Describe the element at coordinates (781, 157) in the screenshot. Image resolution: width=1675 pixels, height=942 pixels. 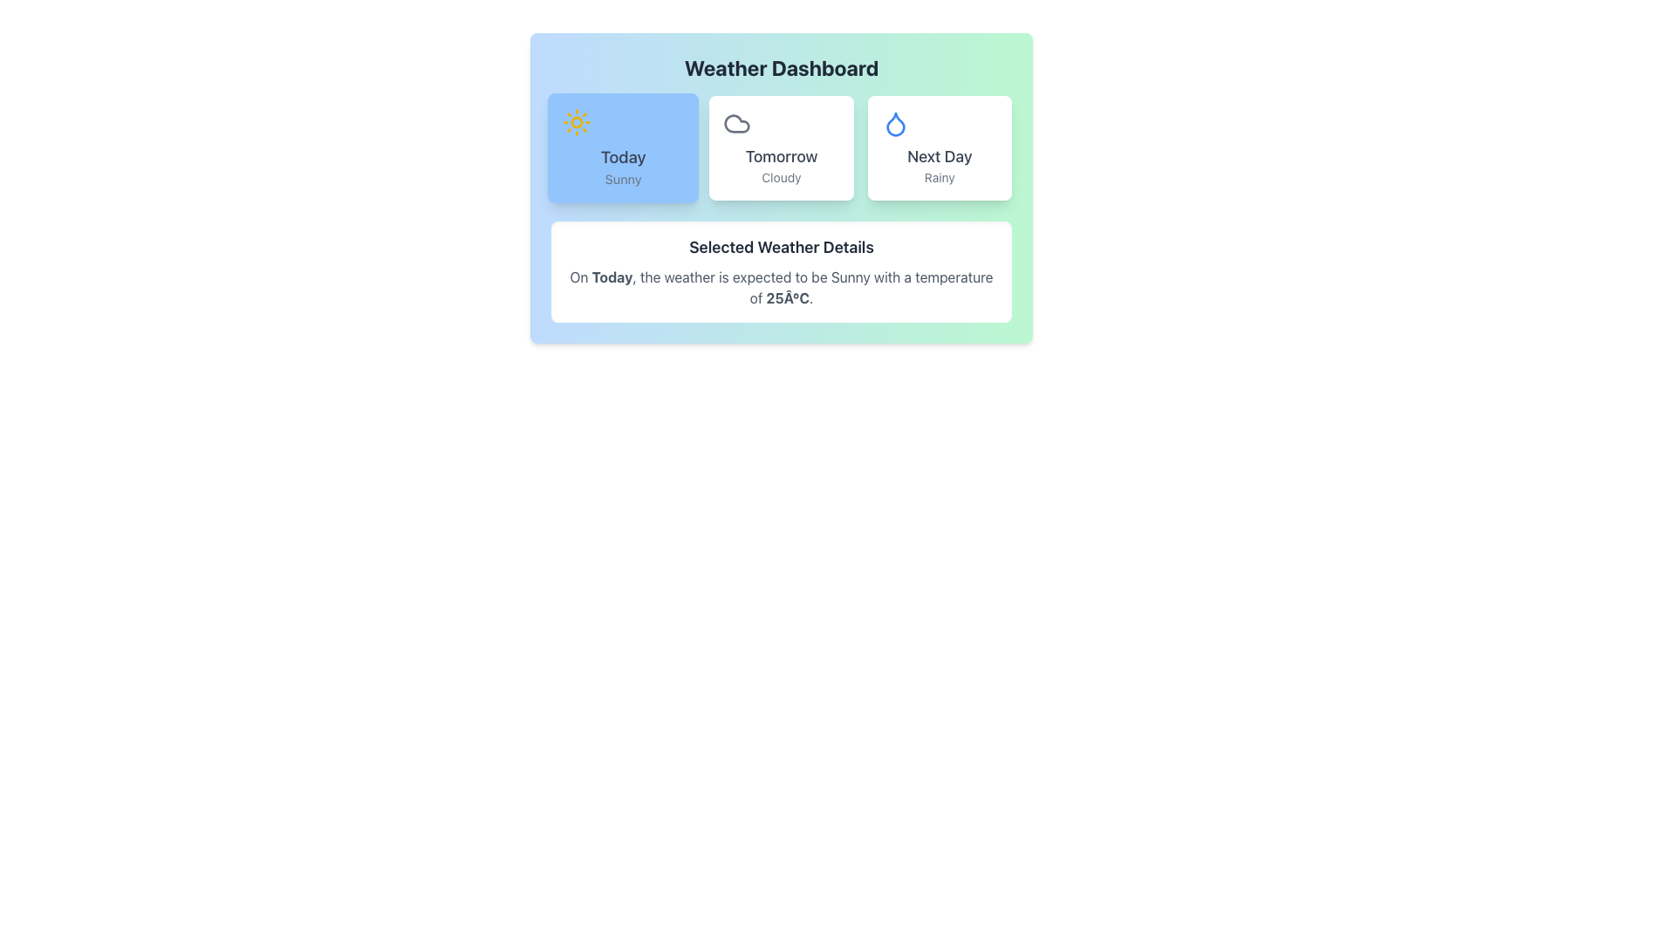
I see `the text label indicating the weather forecast for 'Tomorrow', which is located in the middle section of a horizontal navigation bar, below a cloud icon and above a smaller label 'Cloudy'` at that location.